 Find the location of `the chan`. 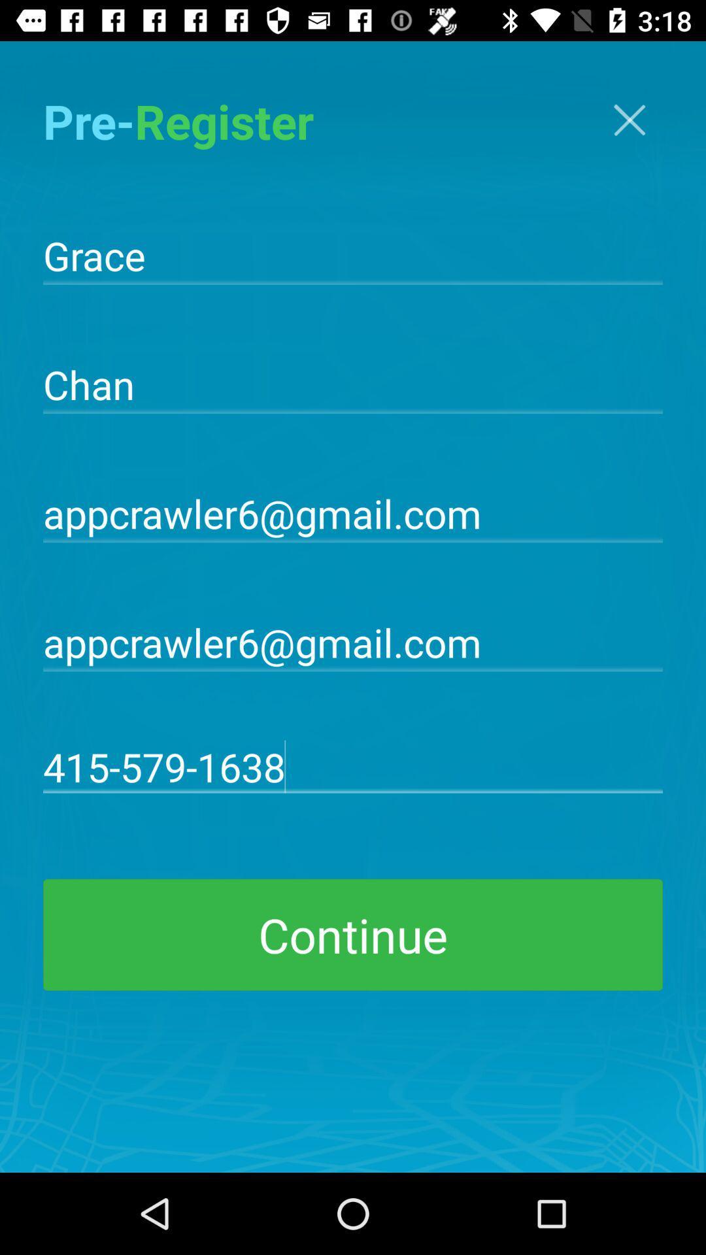

the chan is located at coordinates (353, 382).